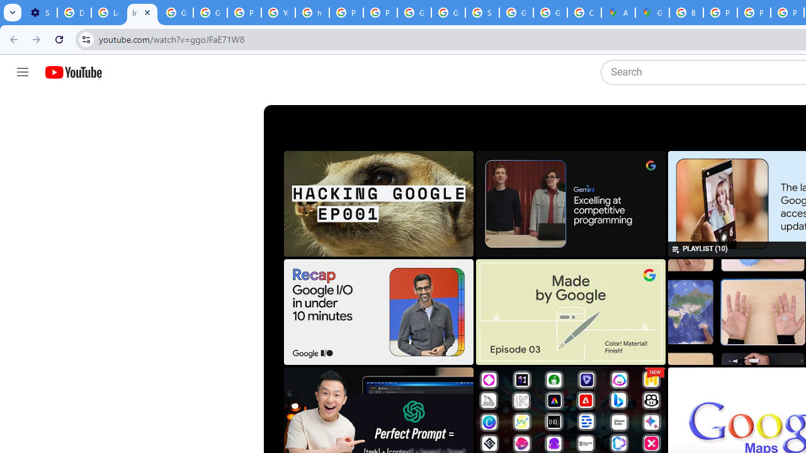 This screenshot has width=806, height=453. What do you see at coordinates (584, 13) in the screenshot?
I see `'Create your Google Account'` at bounding box center [584, 13].